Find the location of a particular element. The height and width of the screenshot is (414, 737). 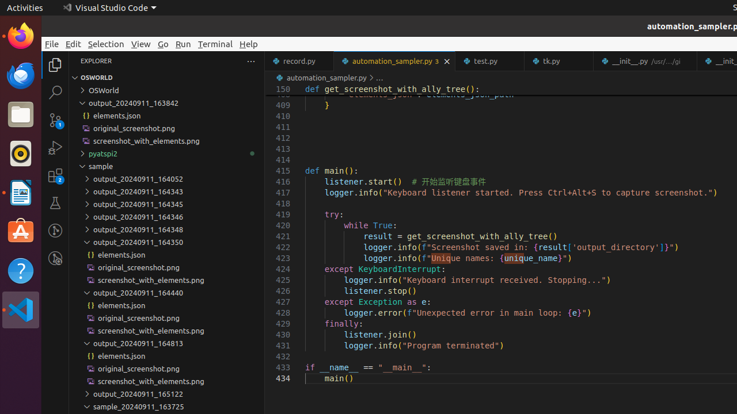

'Firefox Web Browser' is located at coordinates (20, 35).